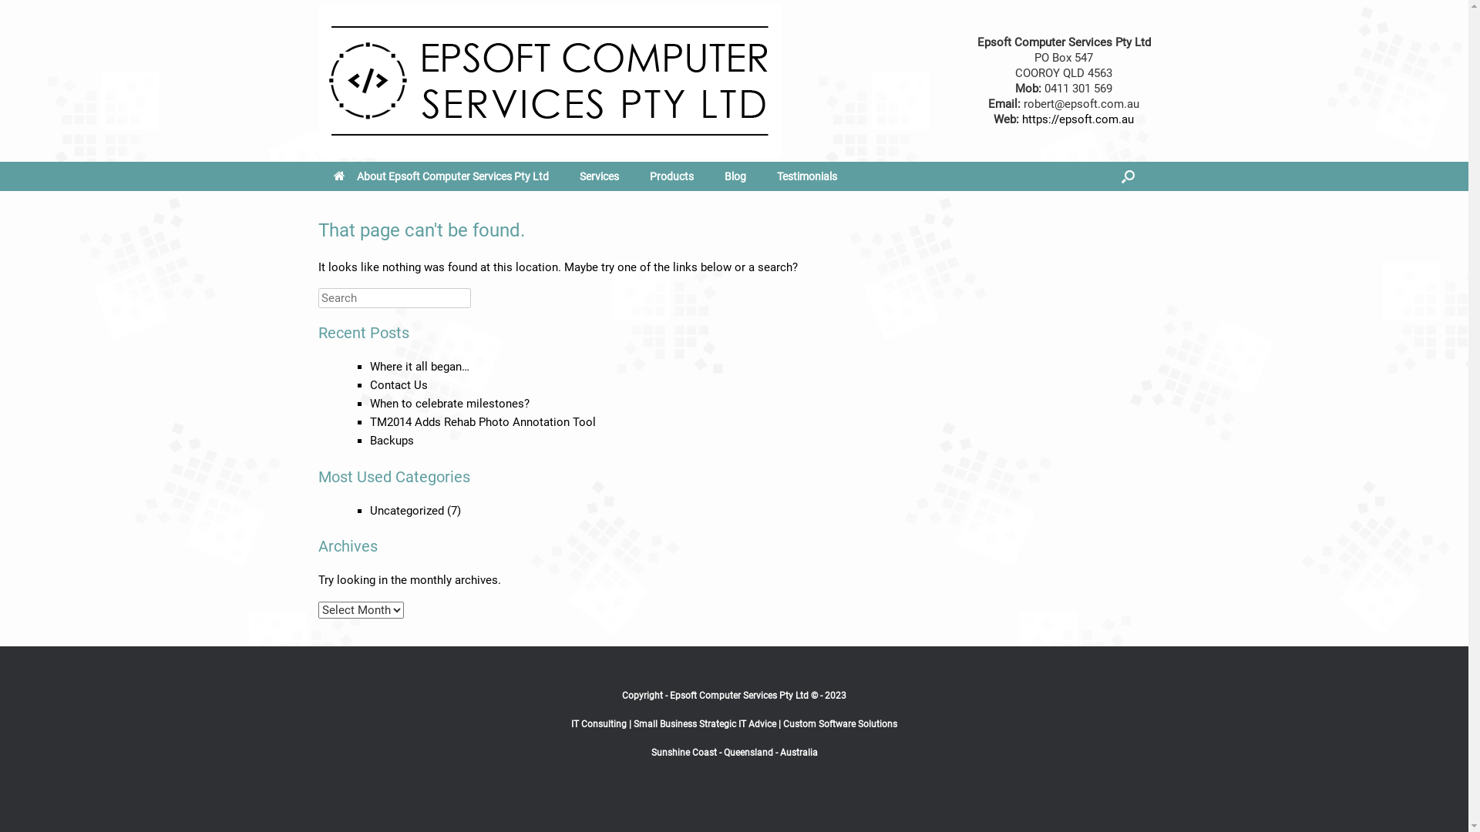 The height and width of the screenshot is (832, 1480). What do you see at coordinates (392, 440) in the screenshot?
I see `'Backups'` at bounding box center [392, 440].